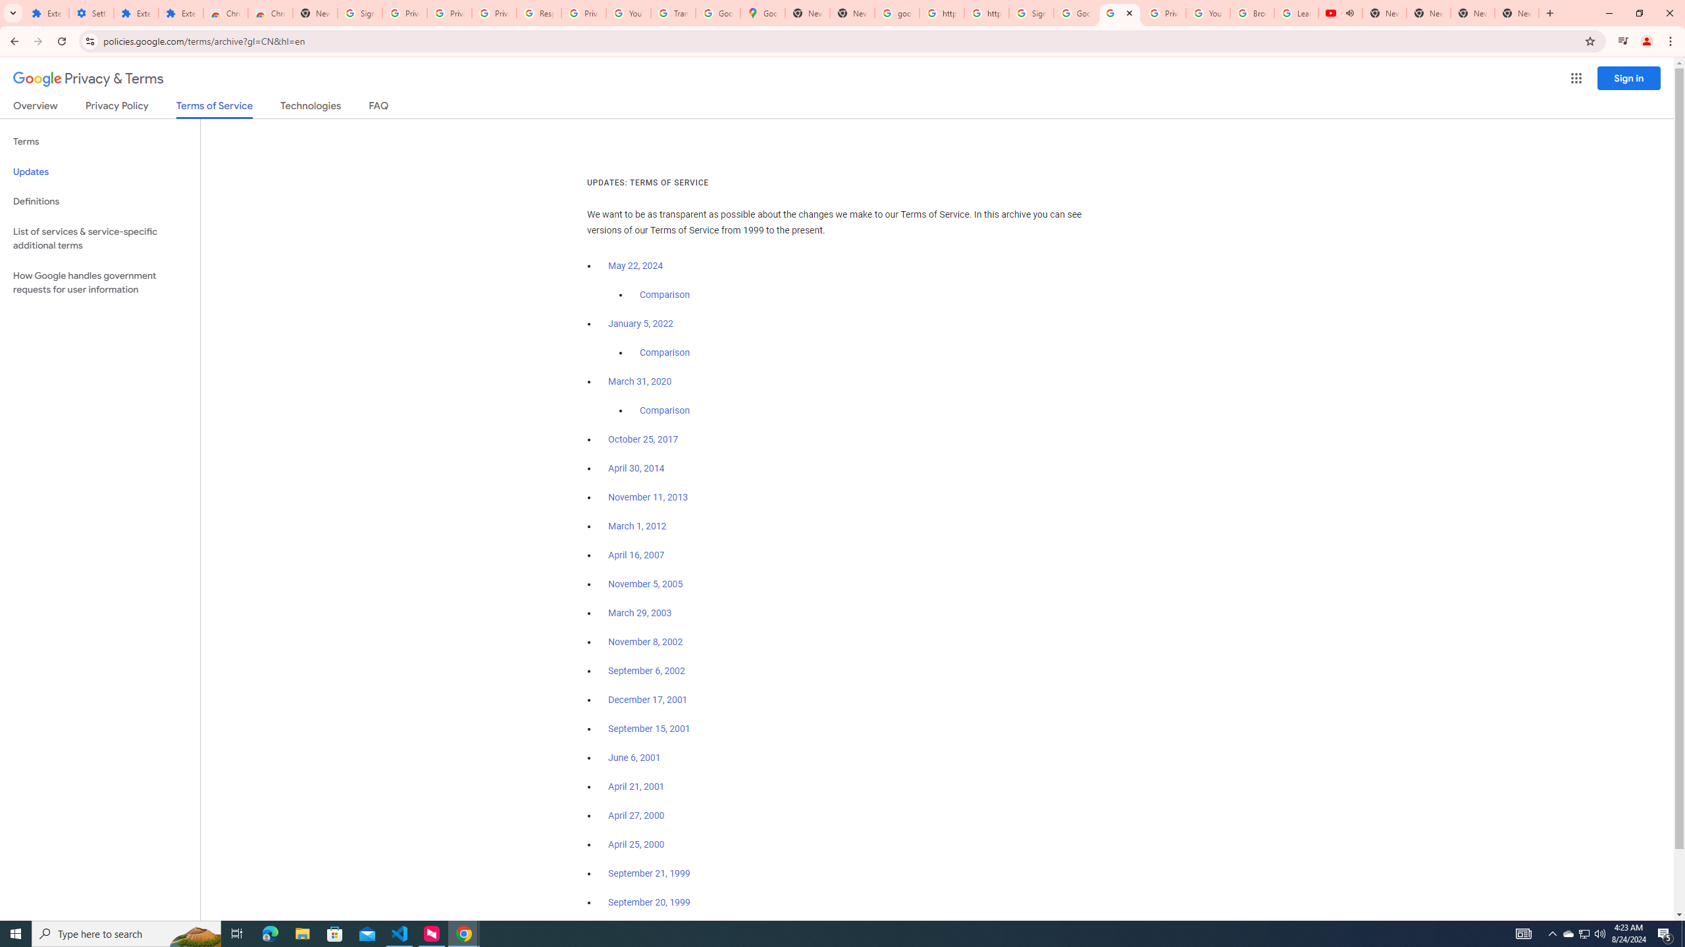 Image resolution: width=1685 pixels, height=947 pixels. What do you see at coordinates (646, 670) in the screenshot?
I see `'September 6, 2002'` at bounding box center [646, 670].